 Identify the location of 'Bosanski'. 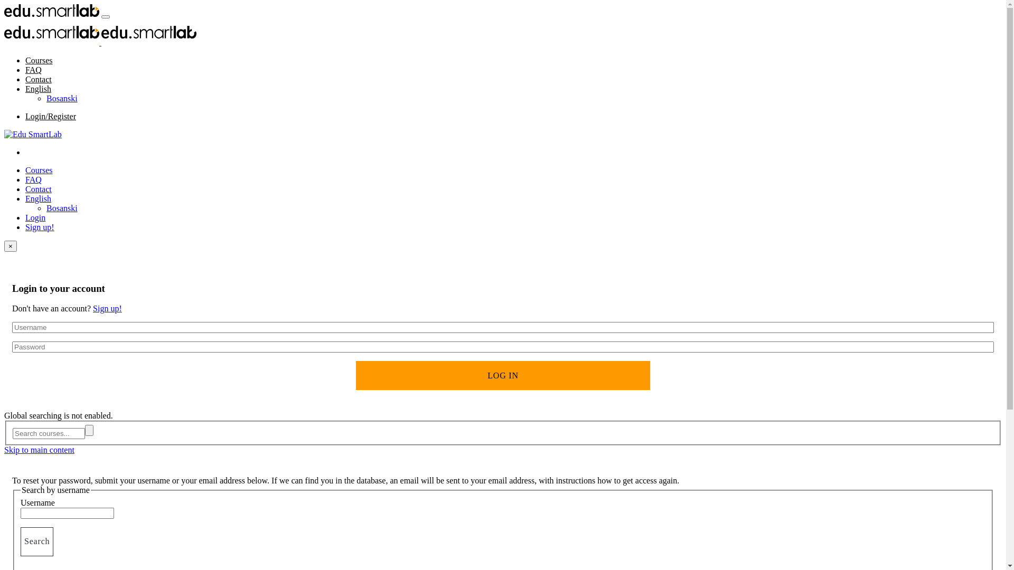
(61, 98).